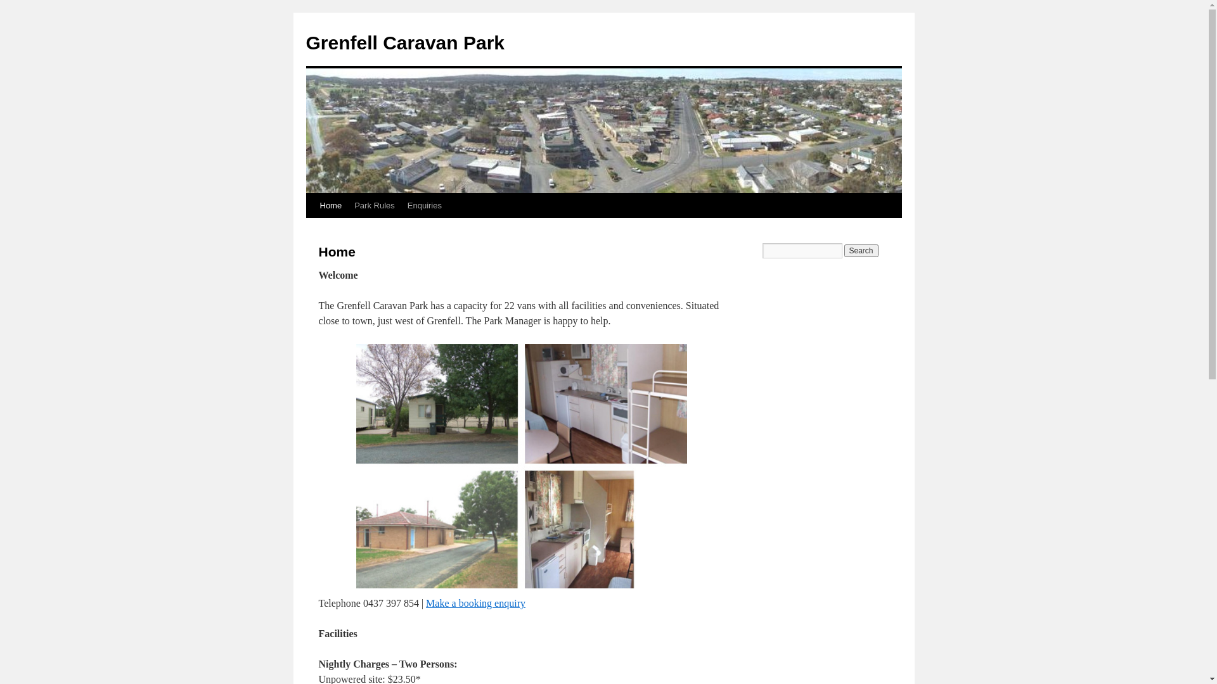 The image size is (1217, 684). I want to click on 'Search', so click(844, 251).